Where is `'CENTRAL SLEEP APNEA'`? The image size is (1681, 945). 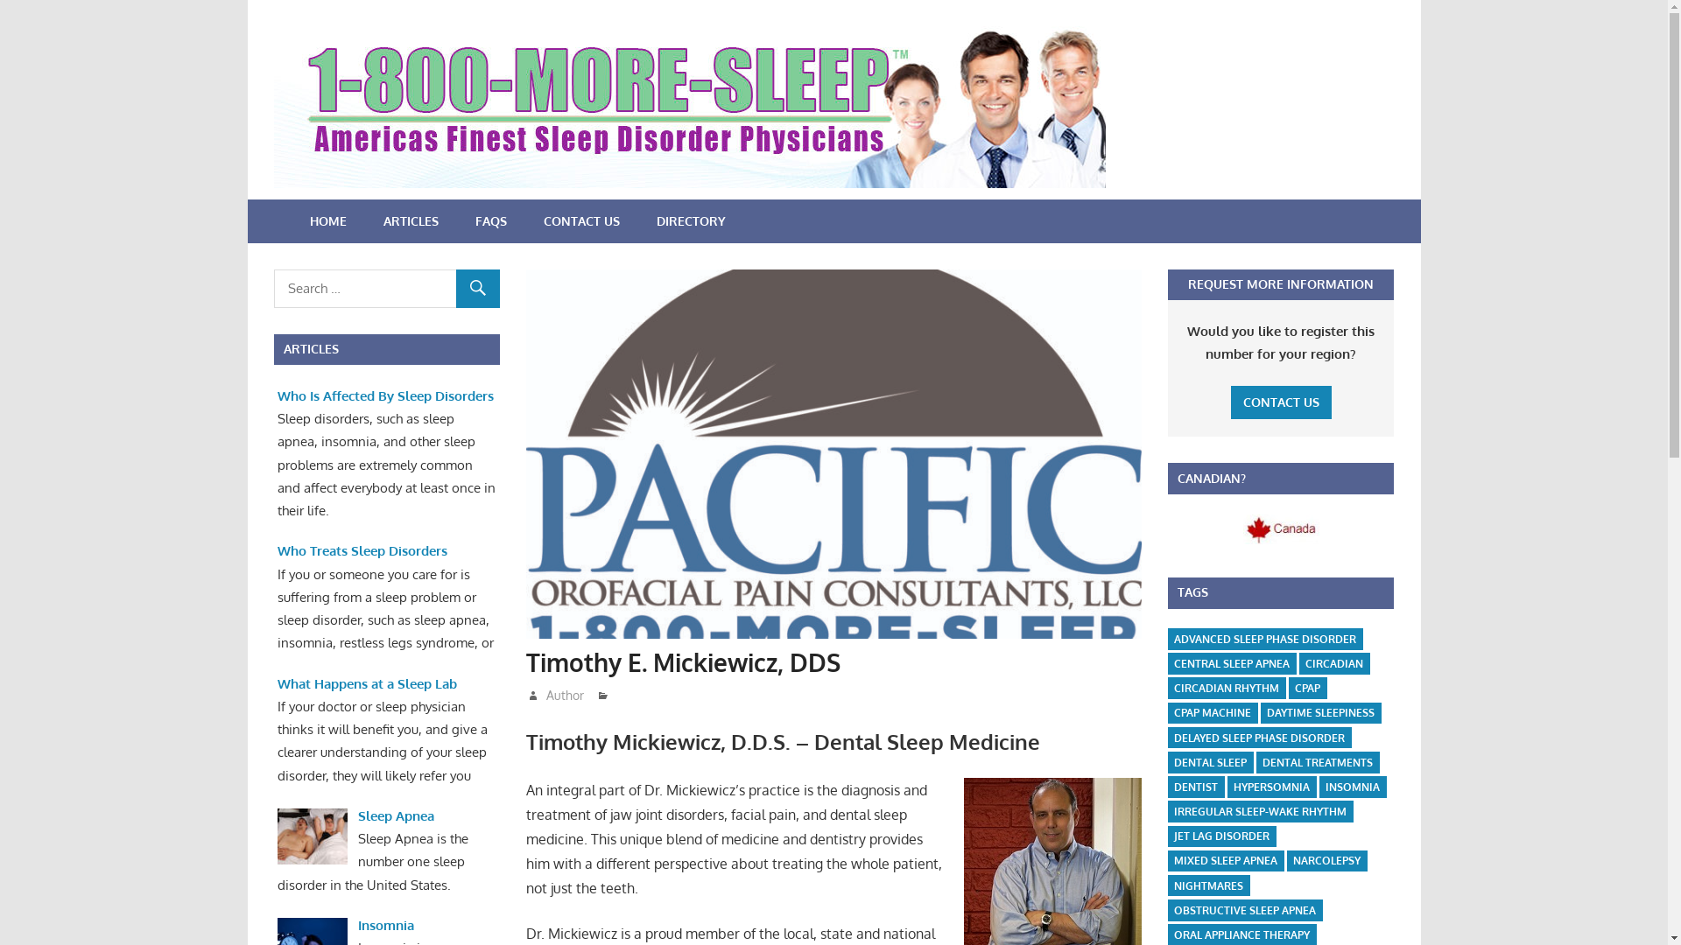
'CENTRAL SLEEP APNEA' is located at coordinates (1230, 663).